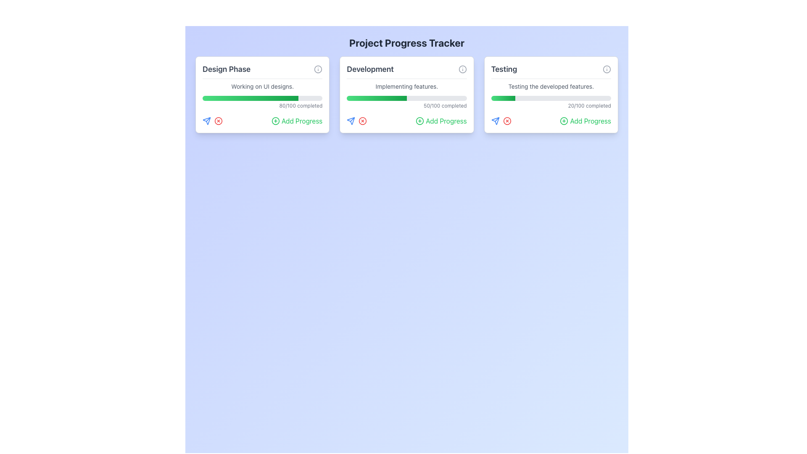  I want to click on the small circular button with an 'i' icon located in the top-right corner of the 'Design Phase' card, so click(318, 69).